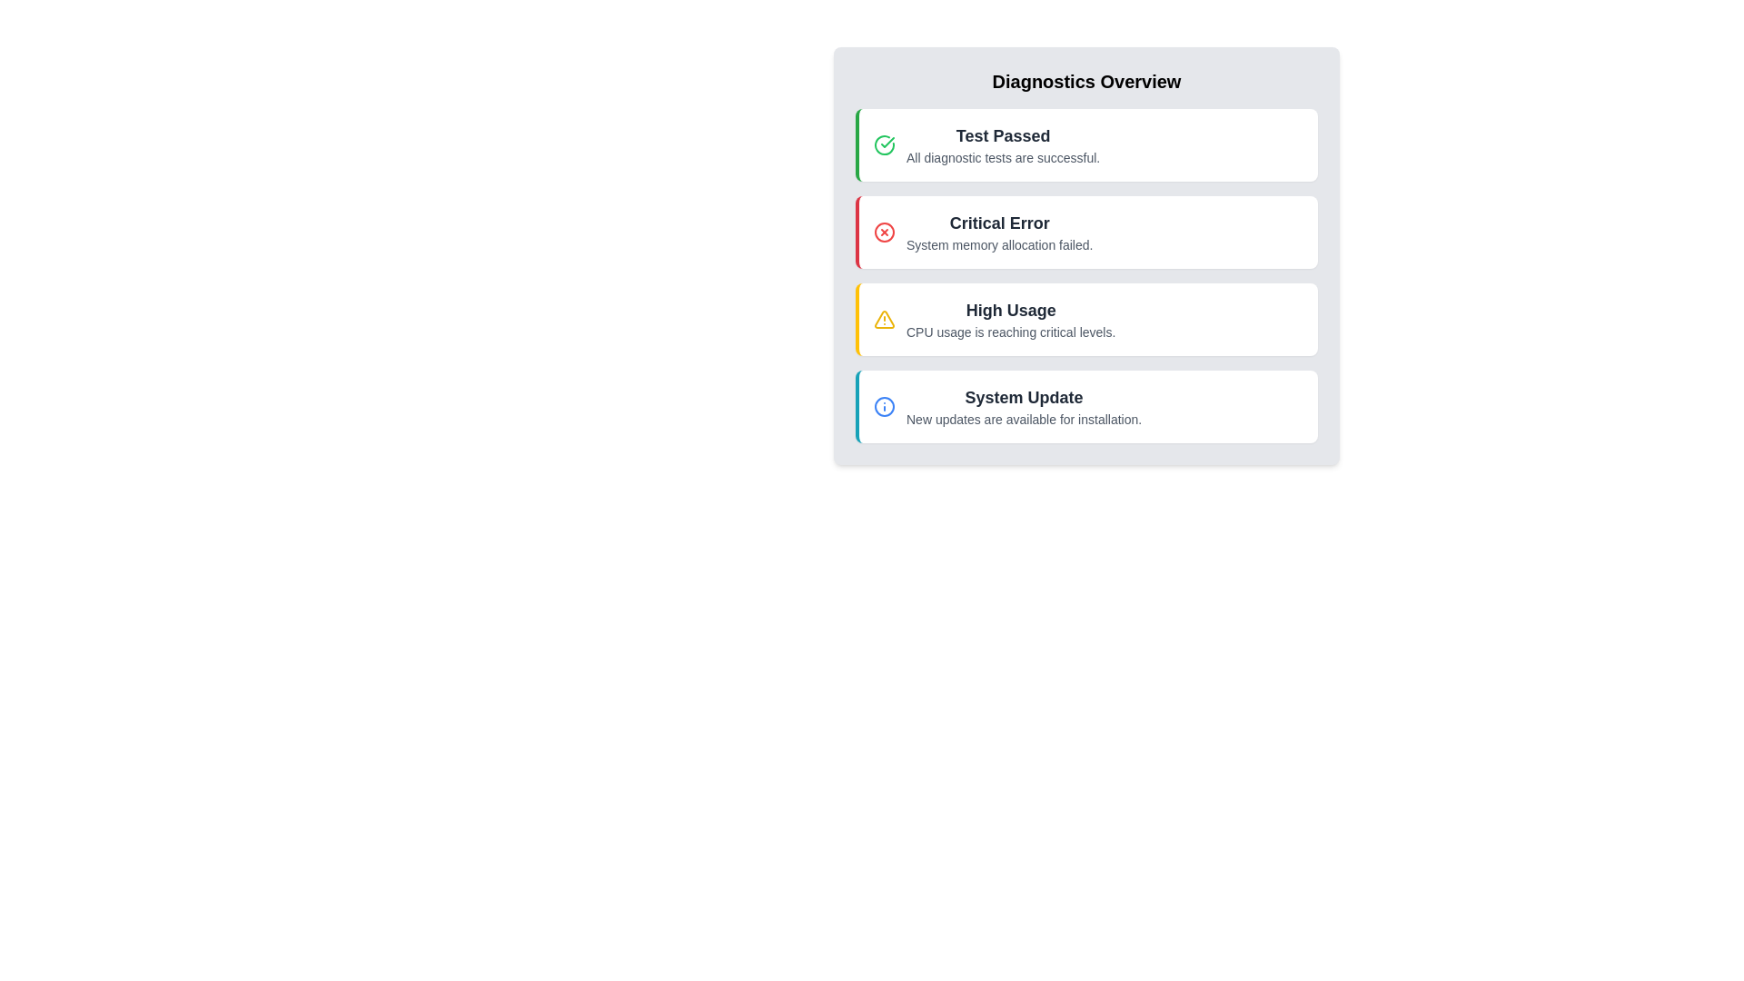 The image size is (1744, 981). What do you see at coordinates (1002, 135) in the screenshot?
I see `the first line of text indicating the successful status of a diagnostic test, located at the top of the vertical list of diagnostic statuses` at bounding box center [1002, 135].